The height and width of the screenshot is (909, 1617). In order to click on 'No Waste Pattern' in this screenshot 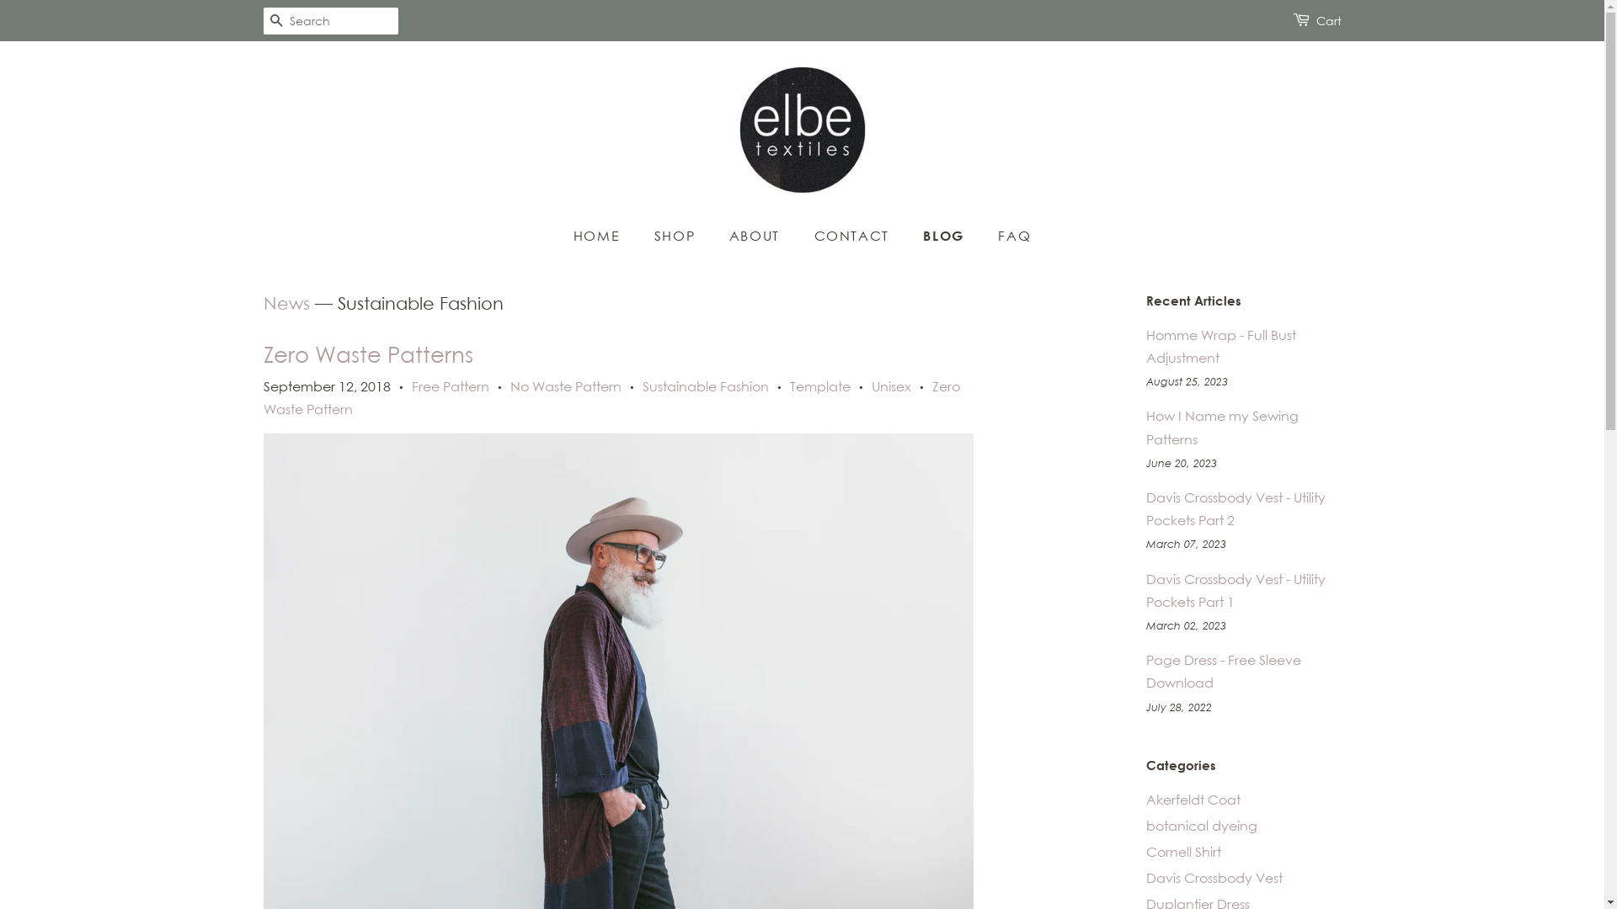, I will do `click(509, 386)`.